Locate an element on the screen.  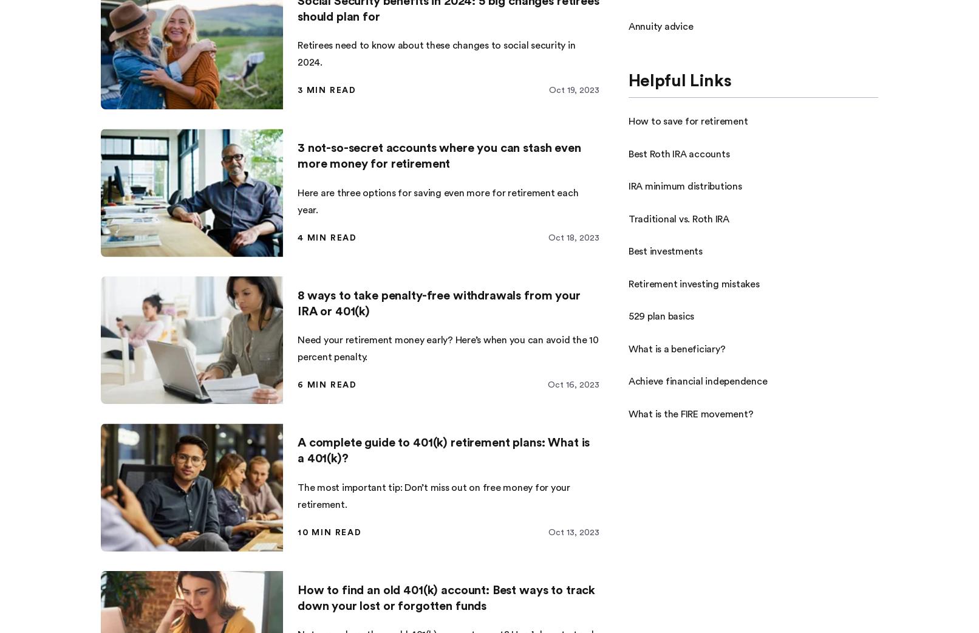
'How to find an old 401(k) account: Best ways to track down your lost or forgotten funds' is located at coordinates (446, 597).